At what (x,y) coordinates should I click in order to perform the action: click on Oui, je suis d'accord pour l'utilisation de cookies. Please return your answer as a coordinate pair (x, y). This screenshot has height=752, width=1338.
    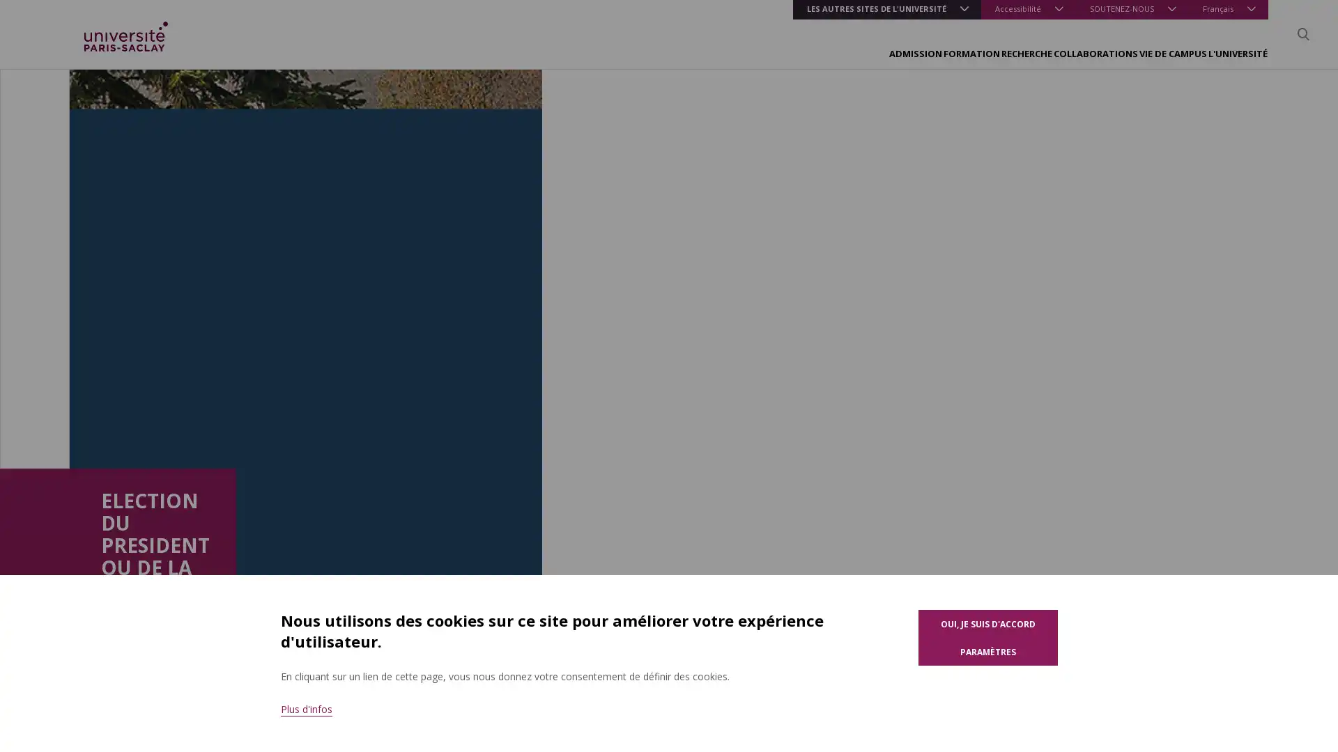
    Looking at the image, I should click on (986, 622).